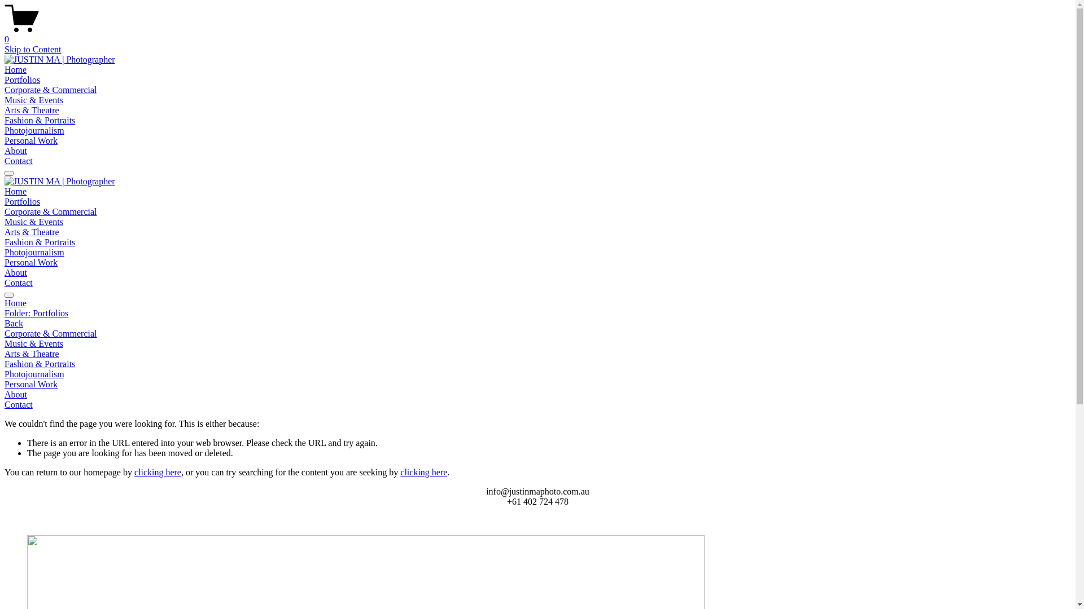 The image size is (1084, 609). Describe the element at coordinates (19, 282) in the screenshot. I see `'Contact'` at that location.